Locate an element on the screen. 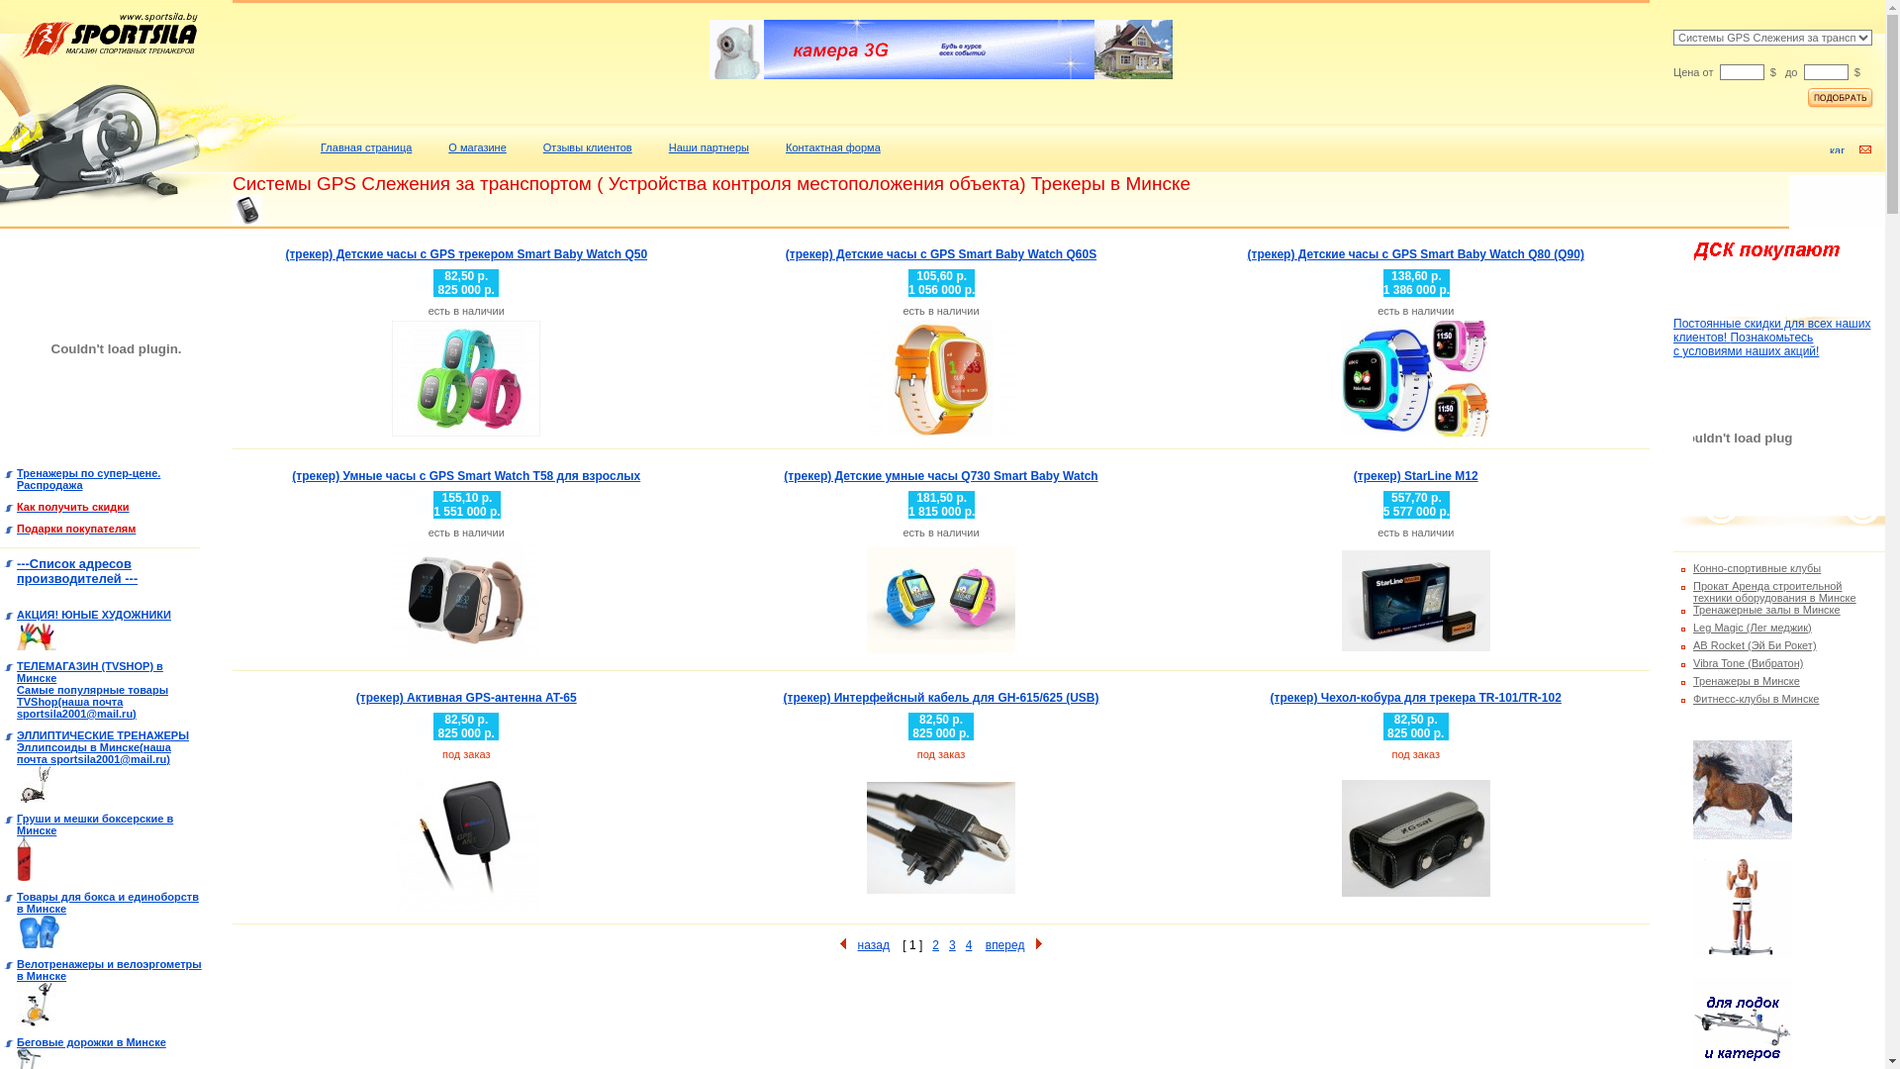  '4' is located at coordinates (969, 944).